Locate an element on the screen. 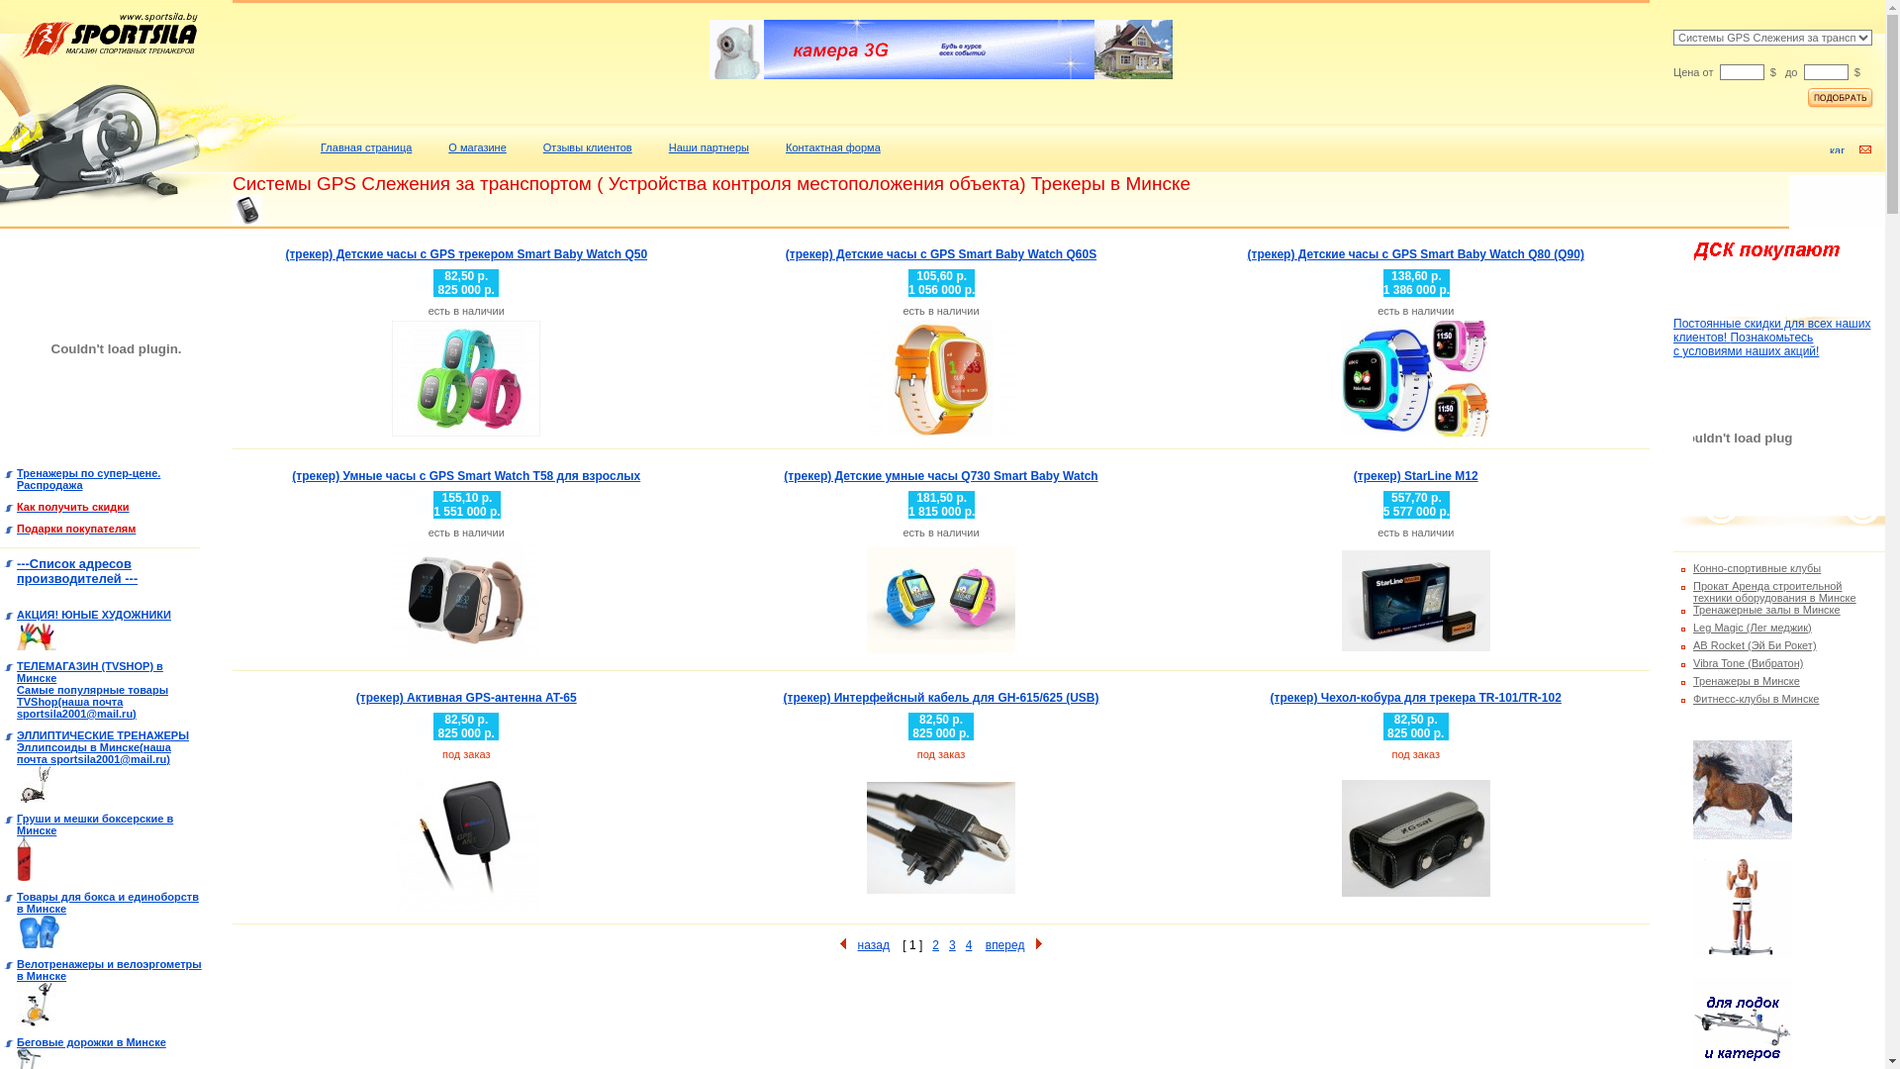  '4' is located at coordinates (969, 944).